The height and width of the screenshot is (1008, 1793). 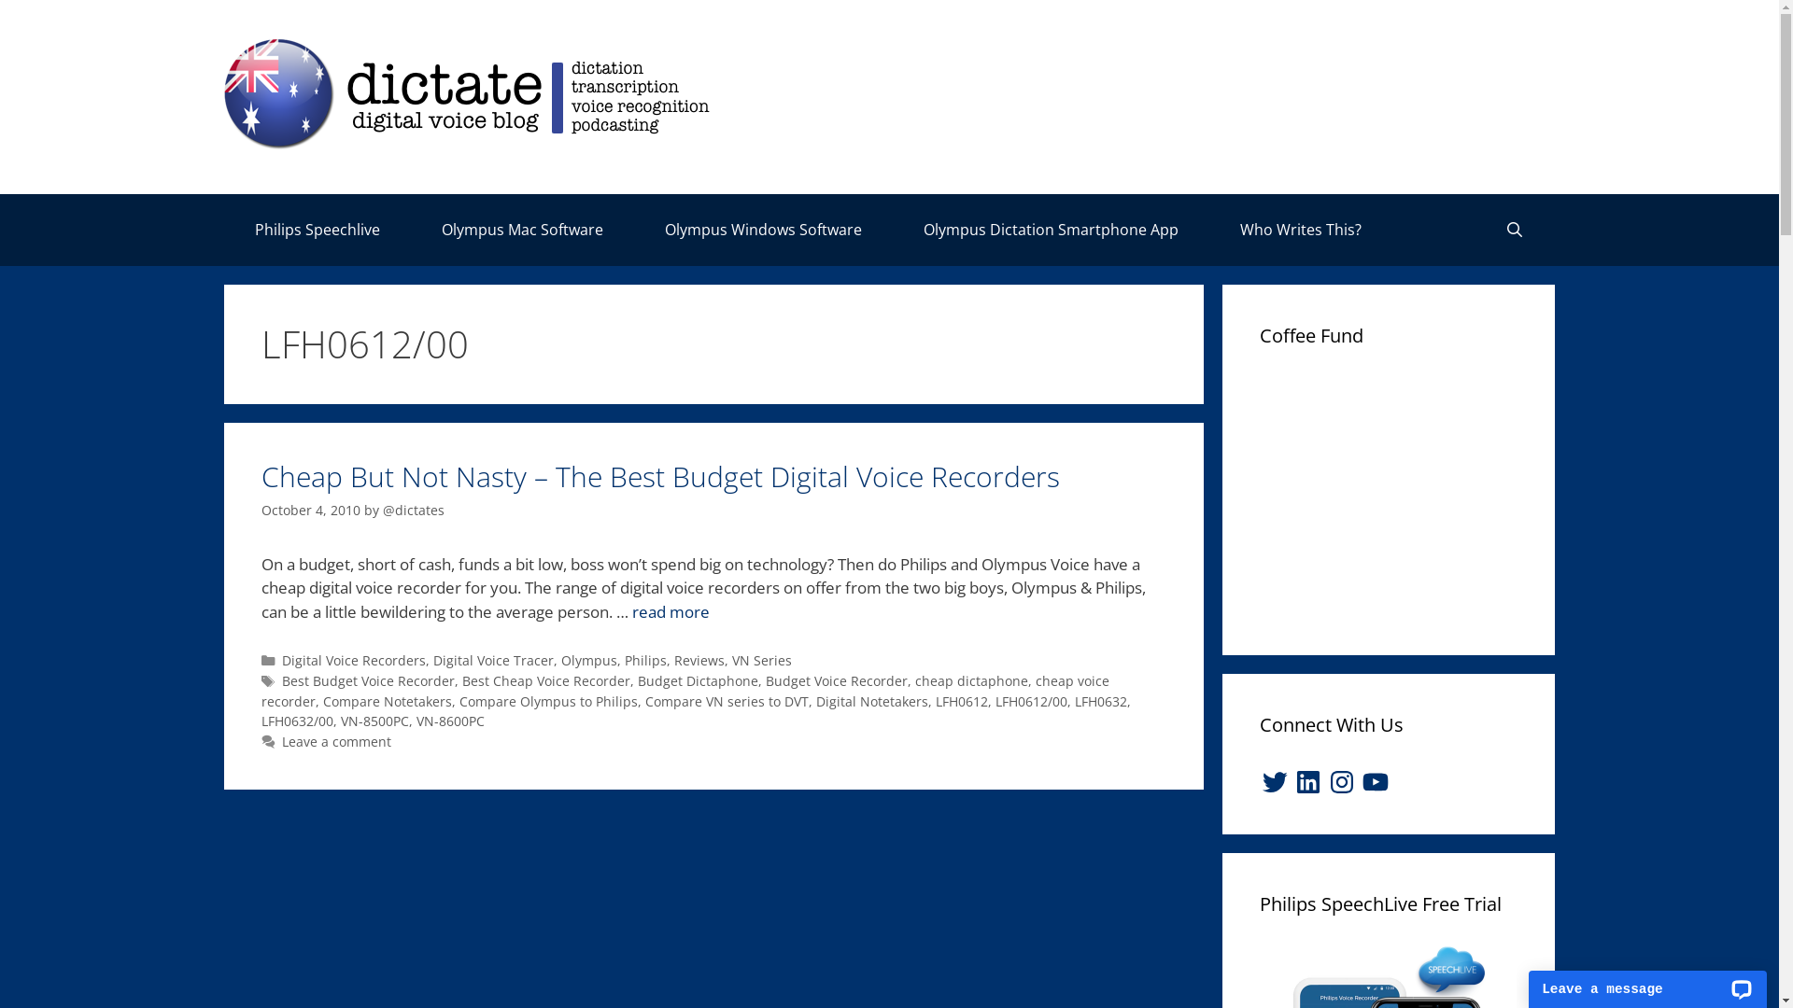 What do you see at coordinates (412, 510) in the screenshot?
I see `'@dictates'` at bounding box center [412, 510].